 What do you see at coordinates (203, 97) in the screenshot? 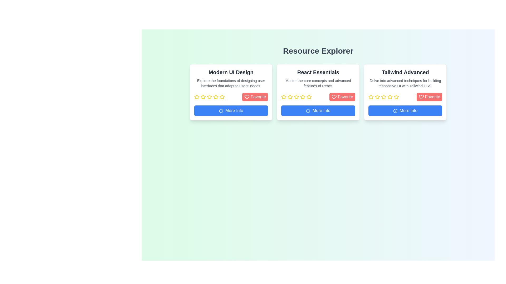
I see `the first star icon in the rating system for the 'Modern UI Design' card to provide a 1-star rating` at bounding box center [203, 97].